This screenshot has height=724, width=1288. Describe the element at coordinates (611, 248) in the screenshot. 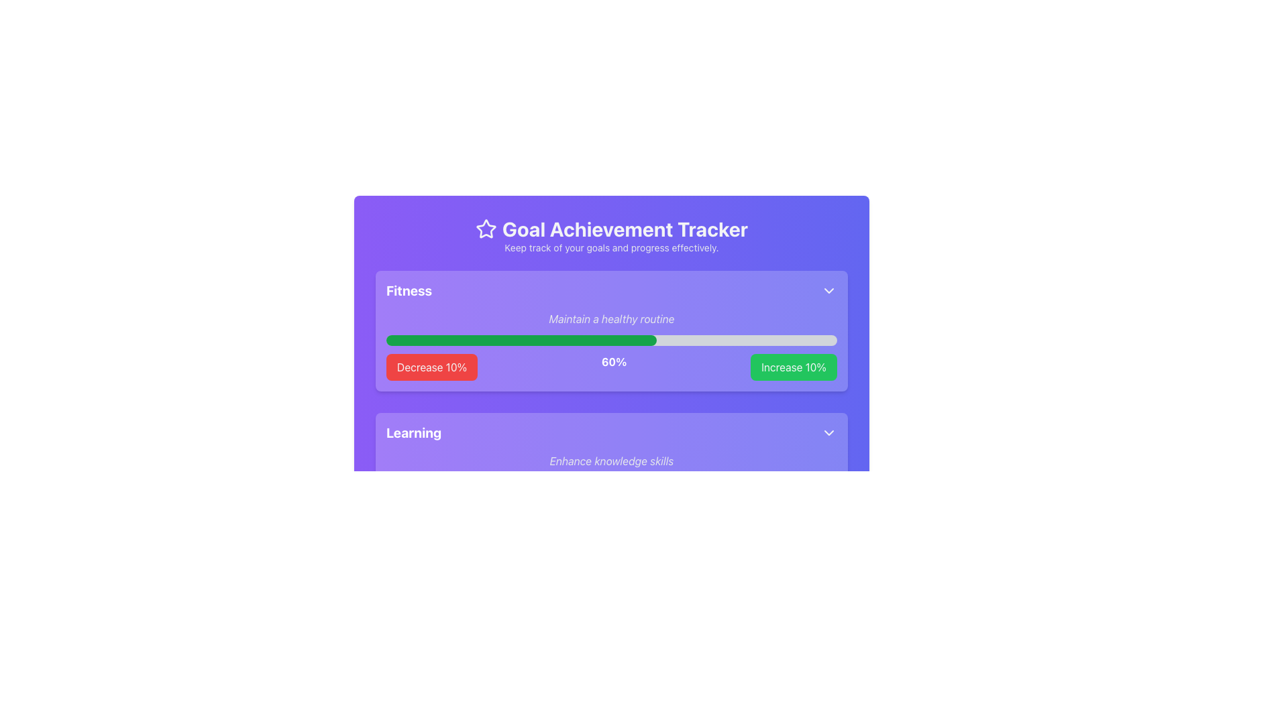

I see `the text label displaying 'Keep track of your goals and progress effectively.' which is located below the title 'Goal Achievement Tracker' on a purple background` at that location.